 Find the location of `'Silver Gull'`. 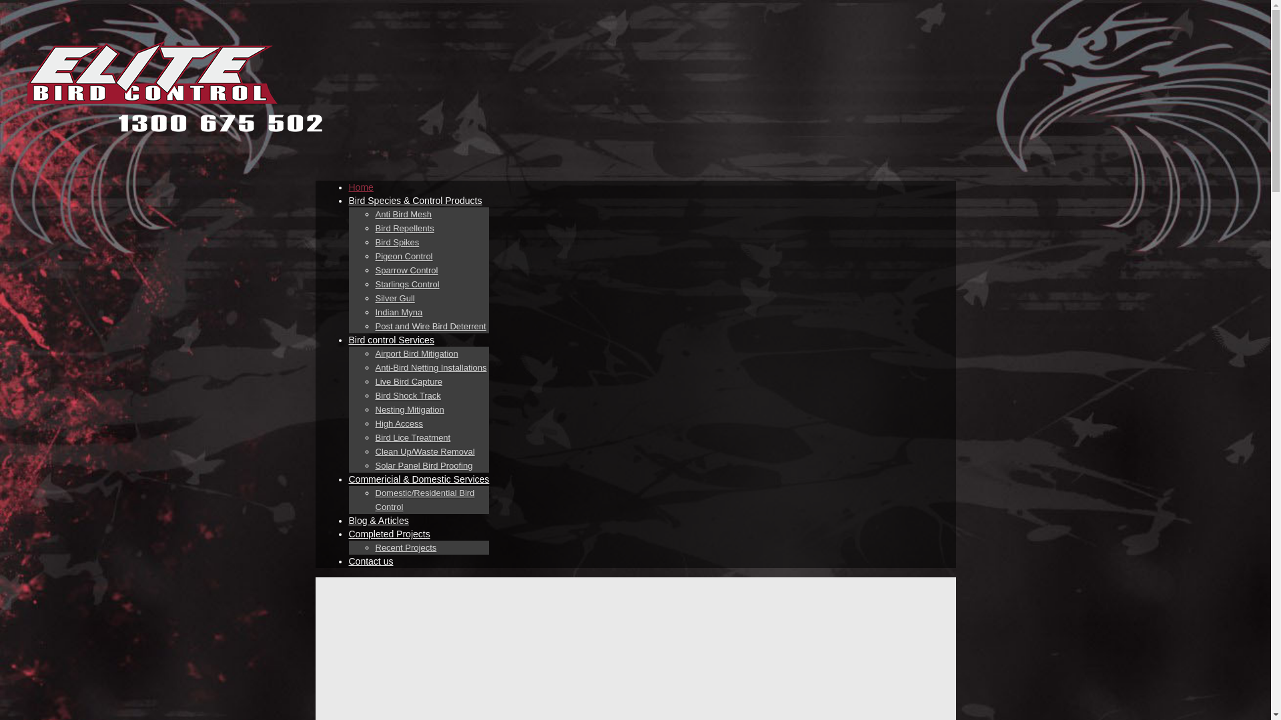

'Silver Gull' is located at coordinates (394, 297).